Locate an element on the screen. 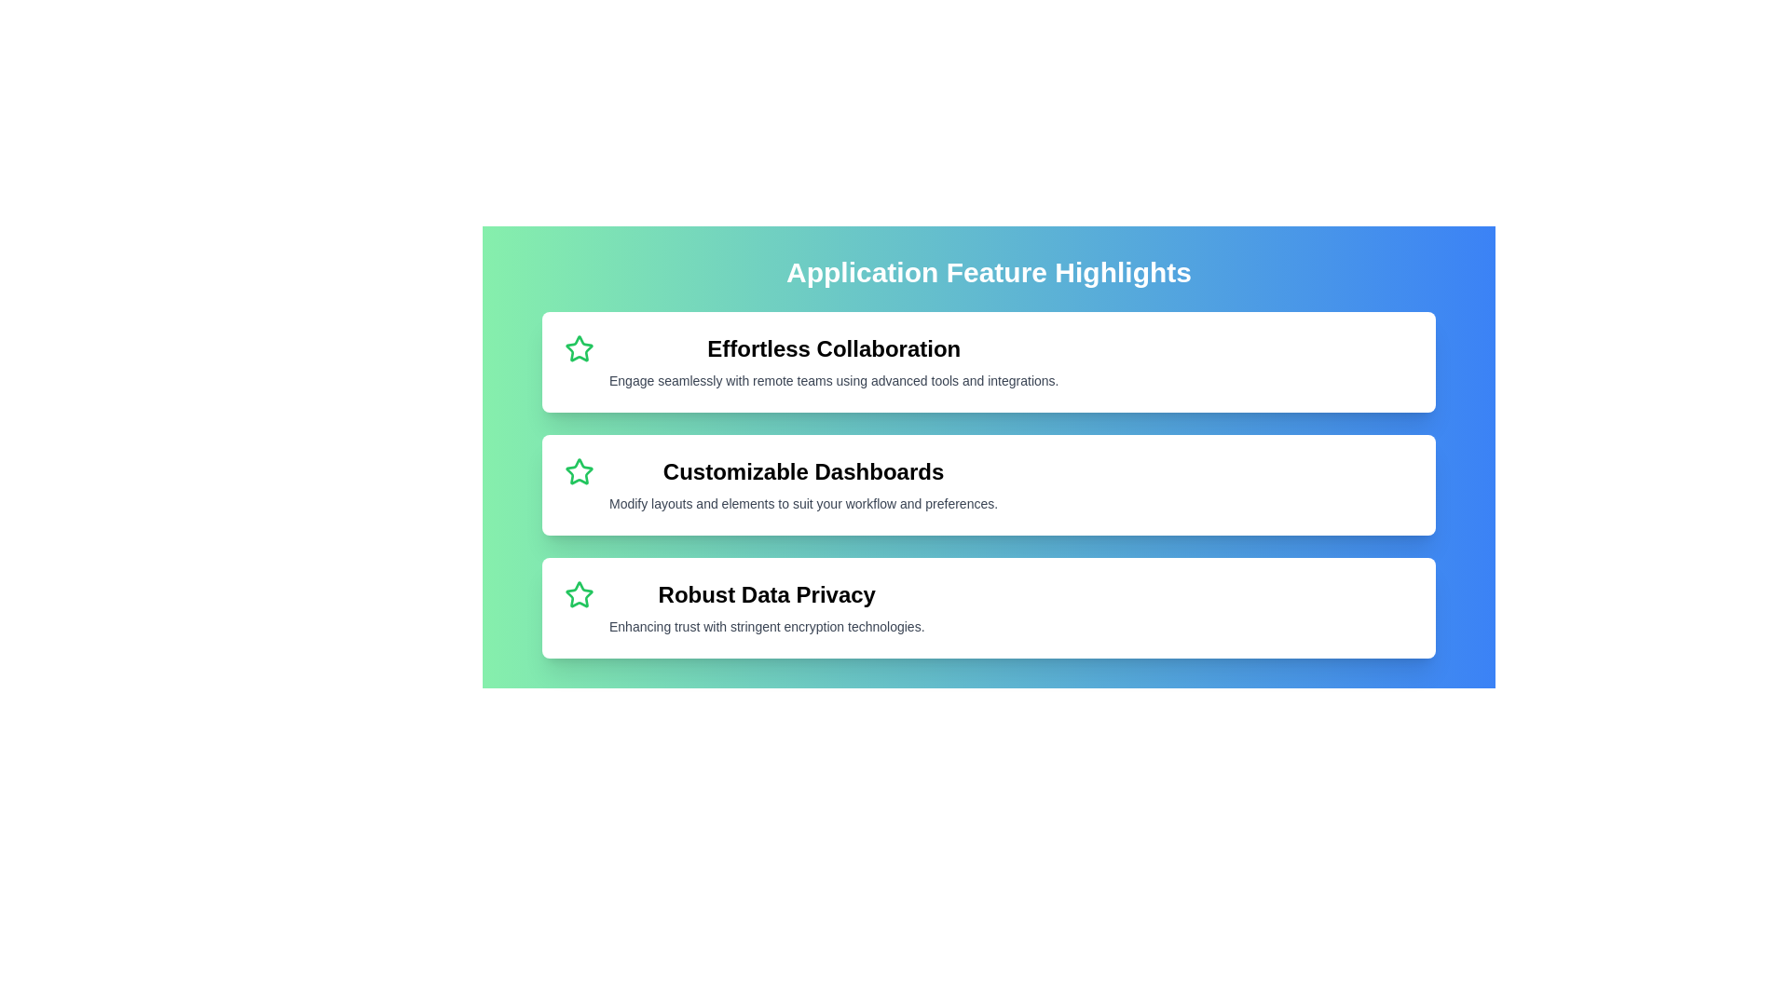 The width and height of the screenshot is (1789, 1006). information contained in the middle Information Card titled 'Customizable Dashboards', which describes the feature and its benefits is located at coordinates (988, 483).